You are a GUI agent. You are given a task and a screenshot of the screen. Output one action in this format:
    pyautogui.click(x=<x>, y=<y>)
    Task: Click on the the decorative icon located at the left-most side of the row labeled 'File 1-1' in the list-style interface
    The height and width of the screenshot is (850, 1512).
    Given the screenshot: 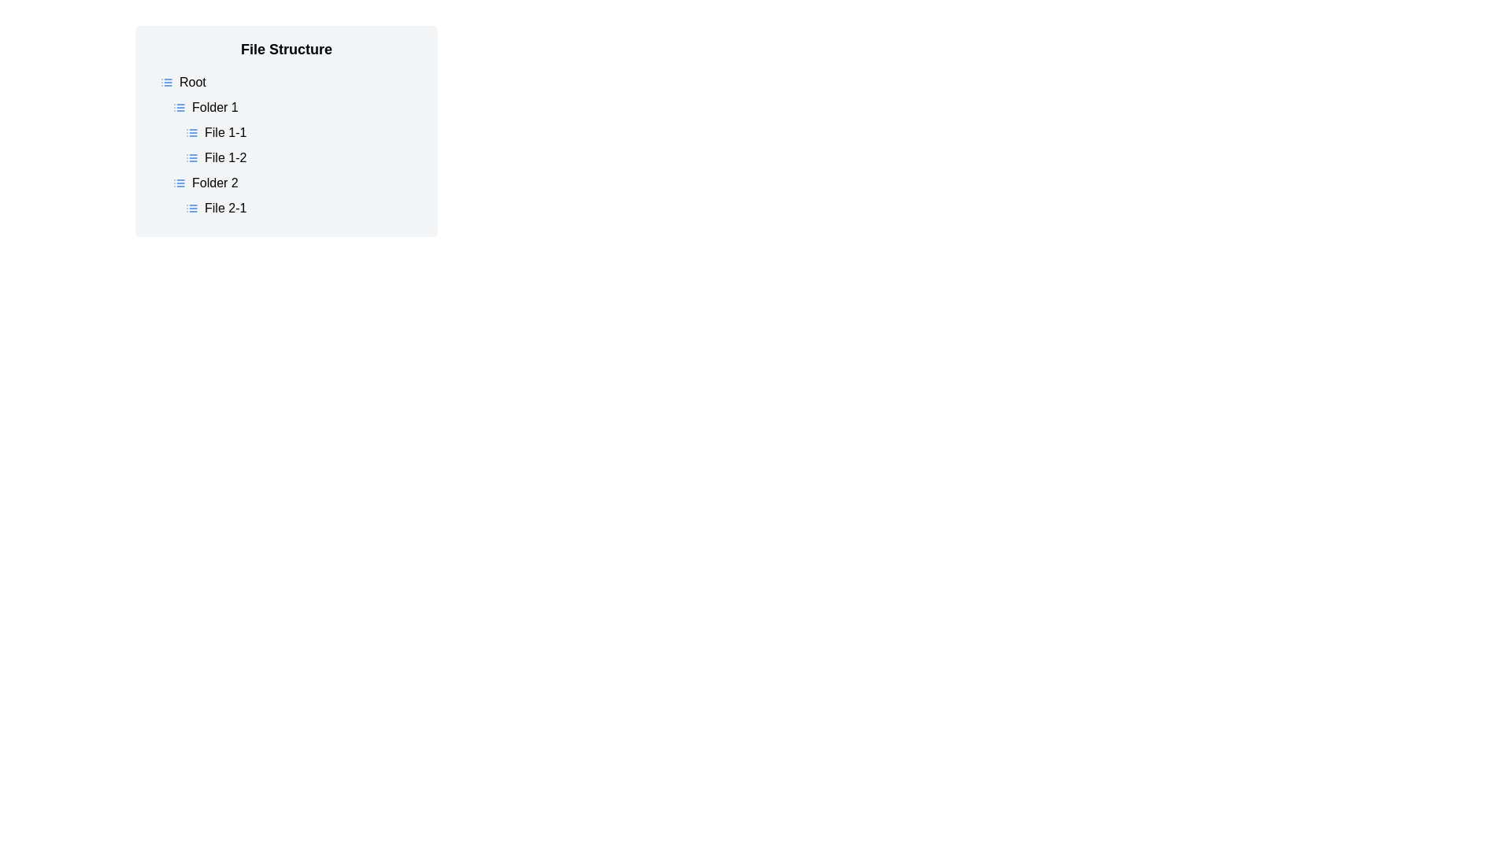 What is the action you would take?
    pyautogui.click(x=191, y=132)
    